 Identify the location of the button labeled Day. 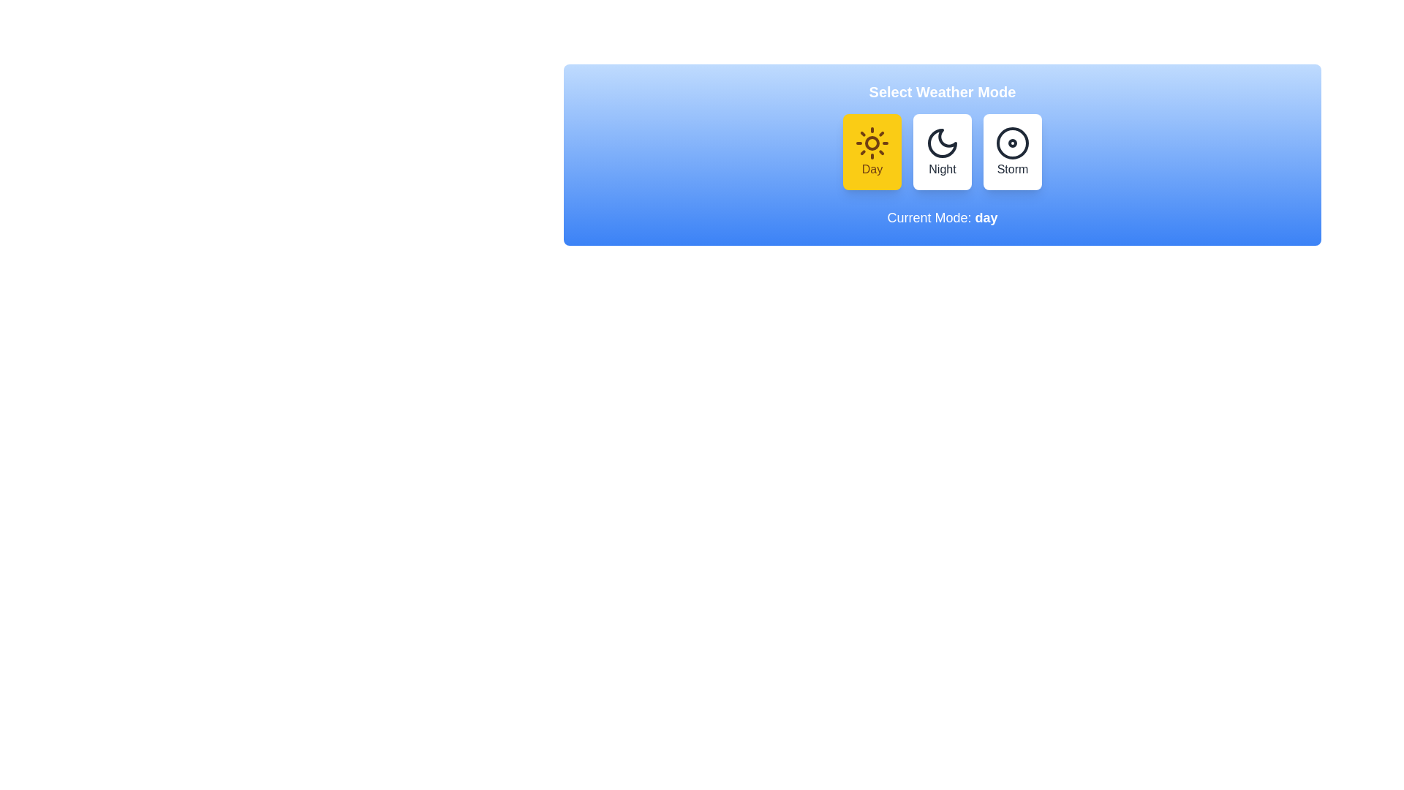
(872, 152).